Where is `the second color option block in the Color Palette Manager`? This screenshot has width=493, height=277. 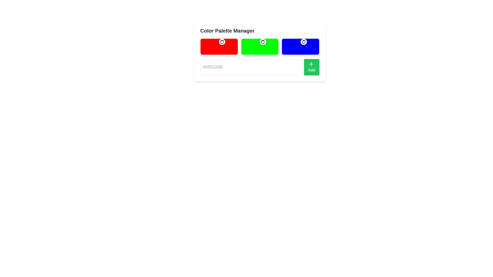 the second color option block in the Color Palette Manager is located at coordinates (260, 46).